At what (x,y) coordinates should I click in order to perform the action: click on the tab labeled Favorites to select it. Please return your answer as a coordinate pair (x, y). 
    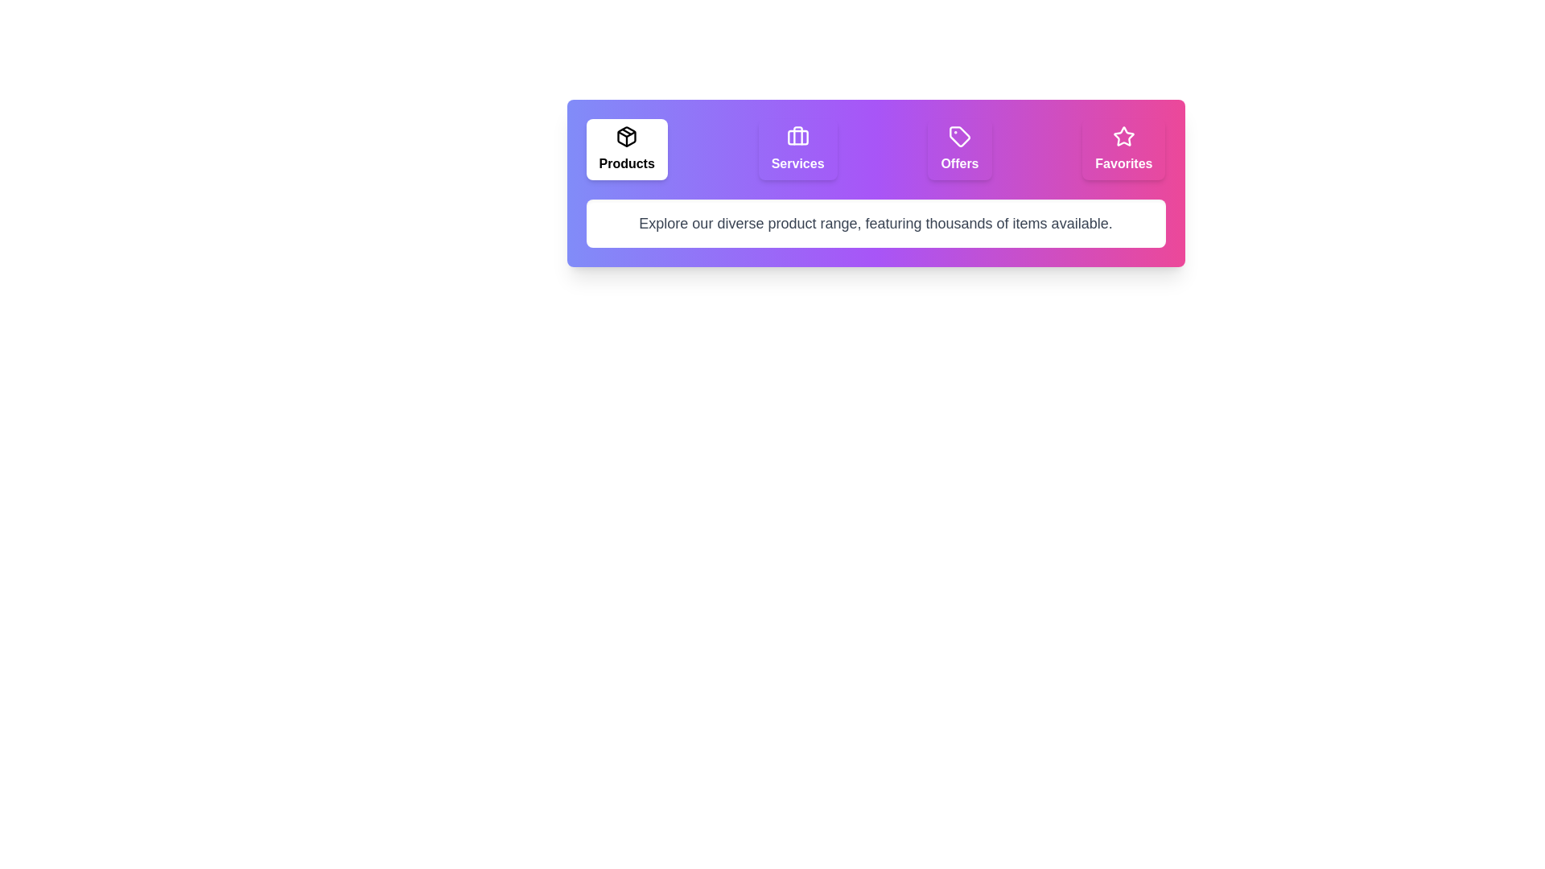
    Looking at the image, I should click on (1123, 149).